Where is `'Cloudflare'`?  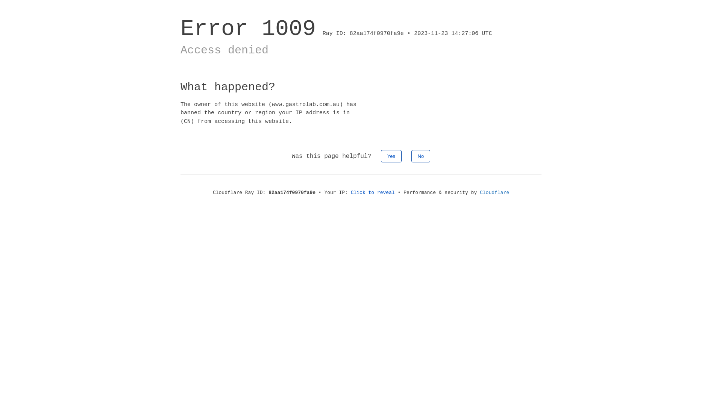 'Cloudflare' is located at coordinates (494, 192).